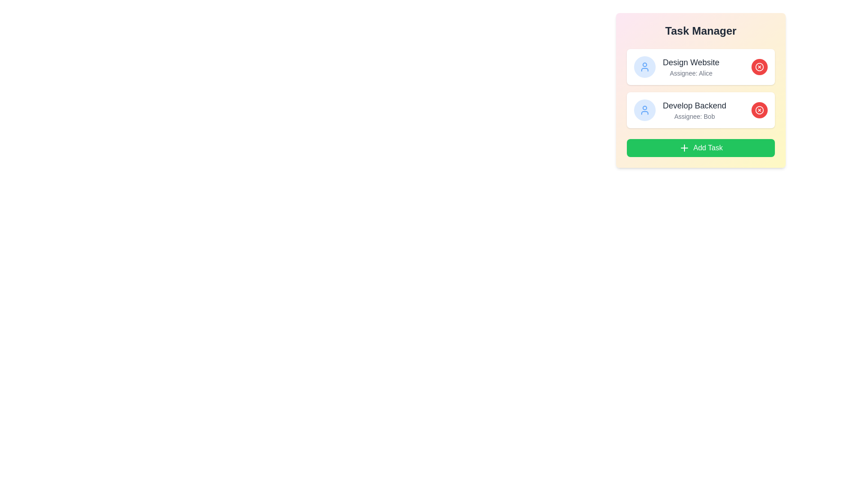 The height and width of the screenshot is (486, 864). Describe the element at coordinates (690, 62) in the screenshot. I see `the Text Label that identifies the first task item in the Task Manager section, located above the 'Assignee: Alice' text` at that location.